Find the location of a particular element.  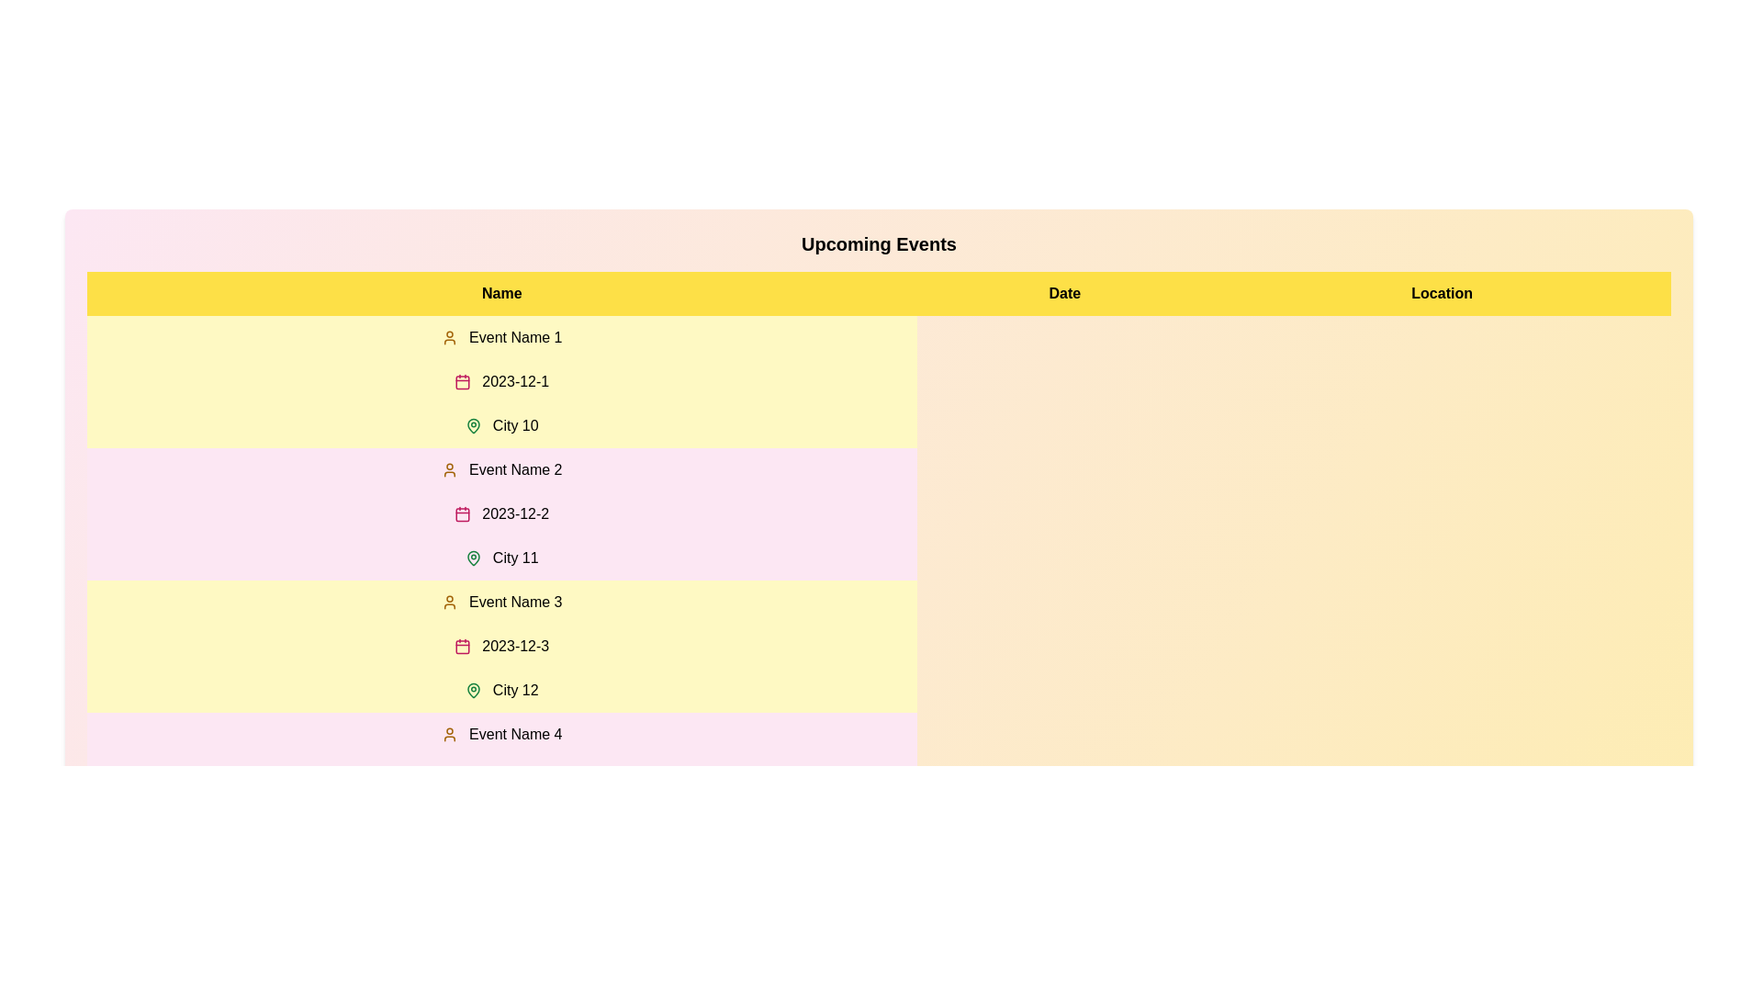

the row corresponding to 4 in the table is located at coordinates (501, 779).